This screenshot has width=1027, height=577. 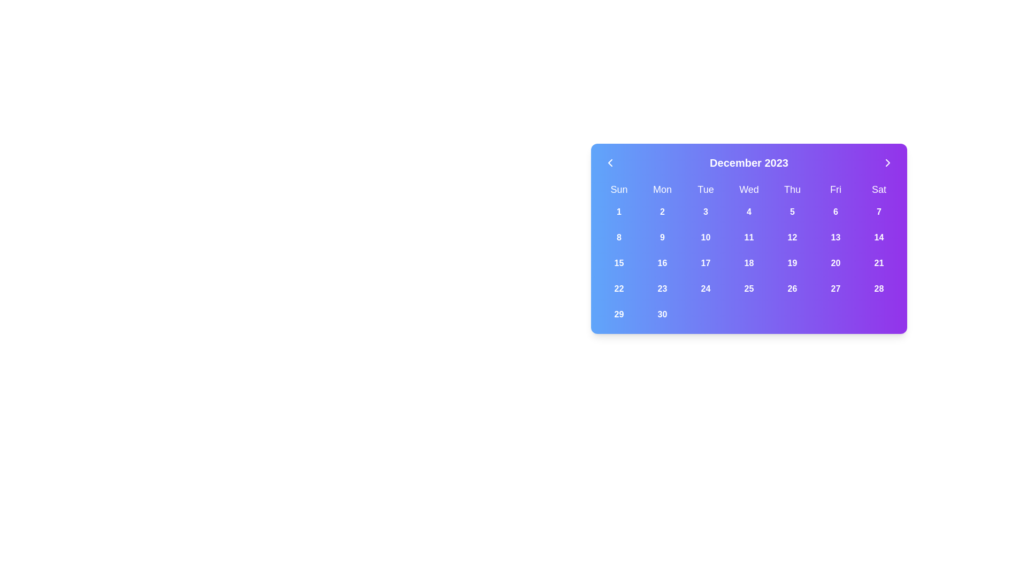 I want to click on the Interactive button containing the numeric text '22', so click(x=619, y=288).